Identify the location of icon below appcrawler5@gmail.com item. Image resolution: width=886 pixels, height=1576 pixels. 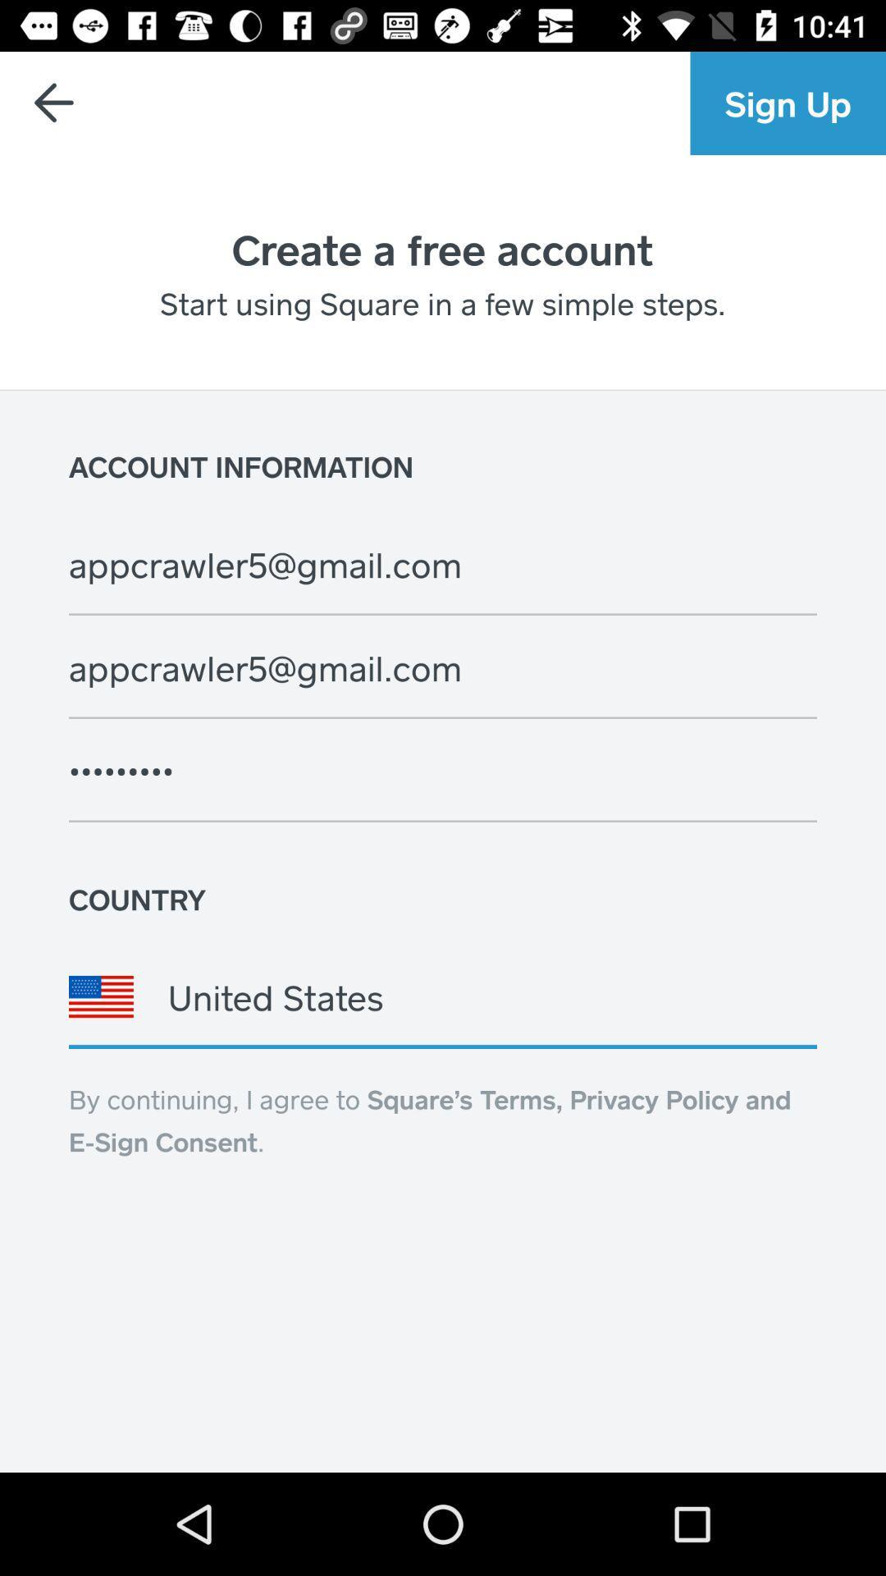
(443, 770).